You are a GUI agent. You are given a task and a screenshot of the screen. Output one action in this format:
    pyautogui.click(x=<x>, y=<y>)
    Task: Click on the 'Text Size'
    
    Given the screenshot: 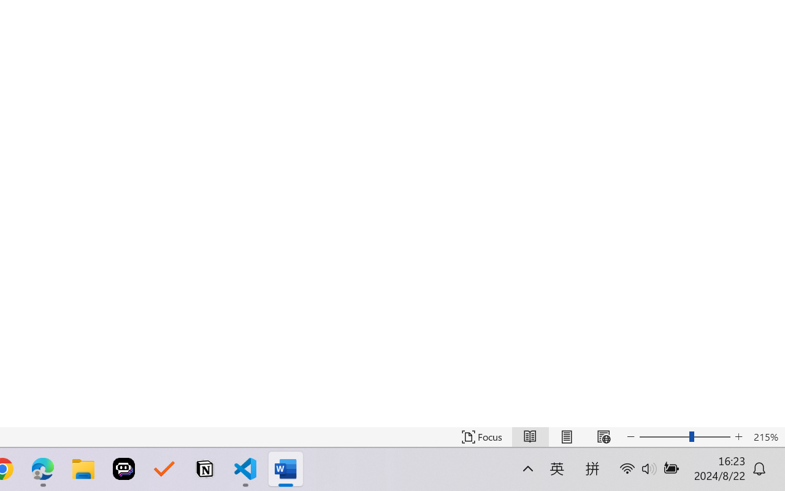 What is the action you would take?
    pyautogui.click(x=684, y=436)
    